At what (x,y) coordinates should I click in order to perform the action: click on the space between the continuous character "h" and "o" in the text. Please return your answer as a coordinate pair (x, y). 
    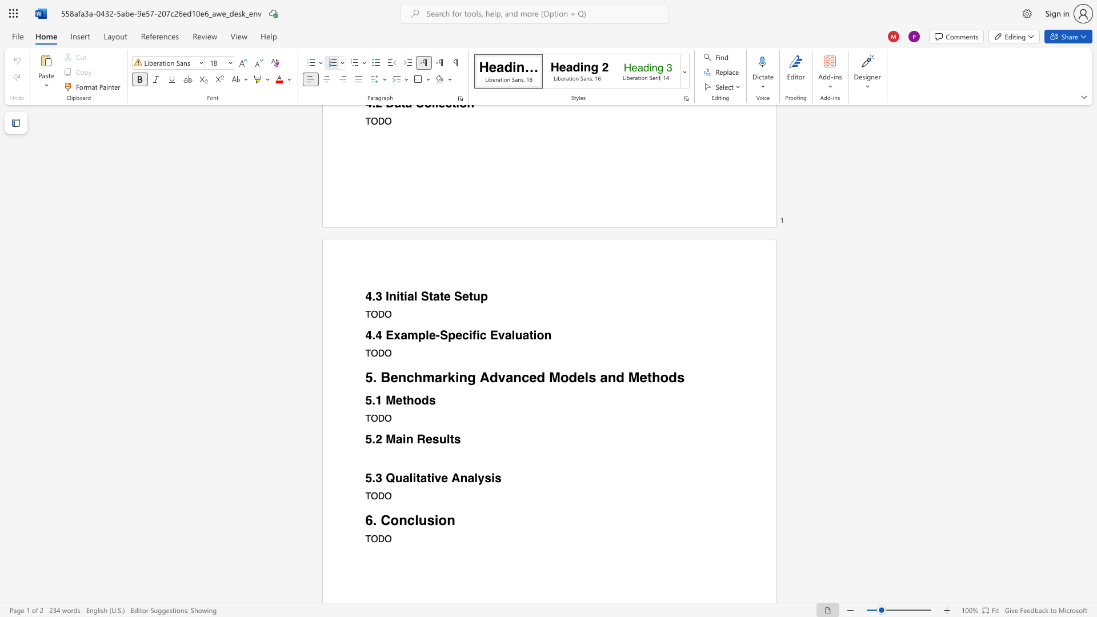
    Looking at the image, I should click on (413, 400).